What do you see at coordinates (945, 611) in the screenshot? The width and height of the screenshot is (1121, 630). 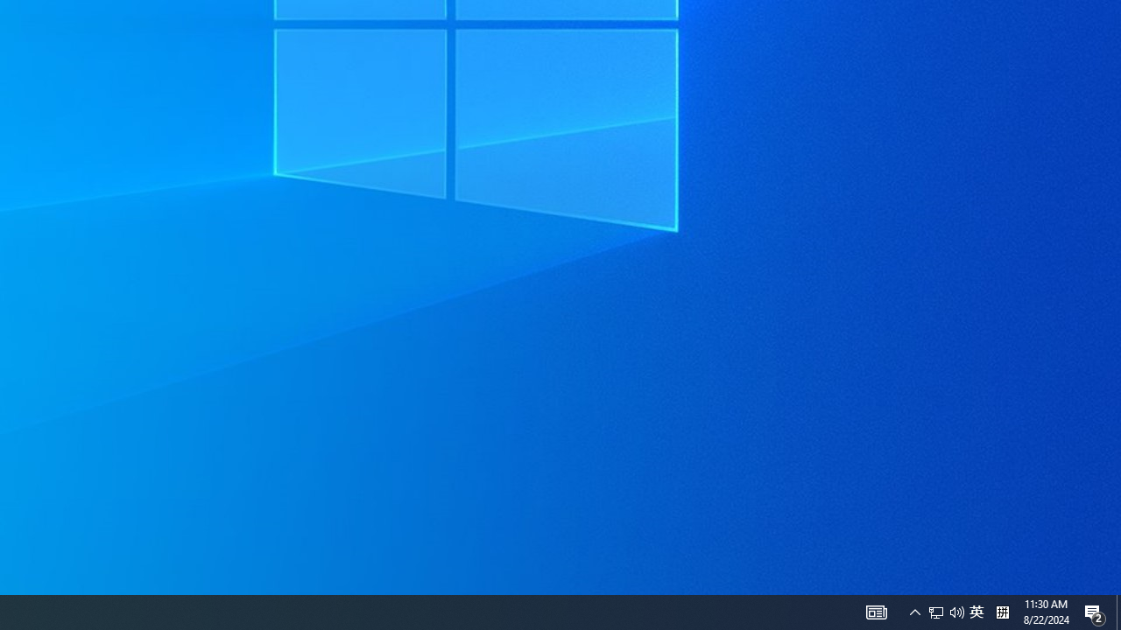 I see `'User Promoted Notification Area'` at bounding box center [945, 611].